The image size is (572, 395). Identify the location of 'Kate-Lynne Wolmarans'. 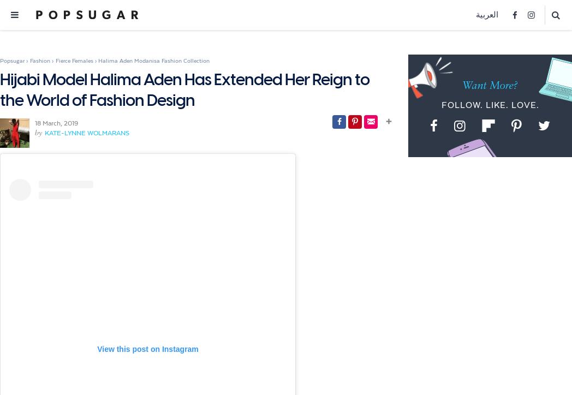
(87, 133).